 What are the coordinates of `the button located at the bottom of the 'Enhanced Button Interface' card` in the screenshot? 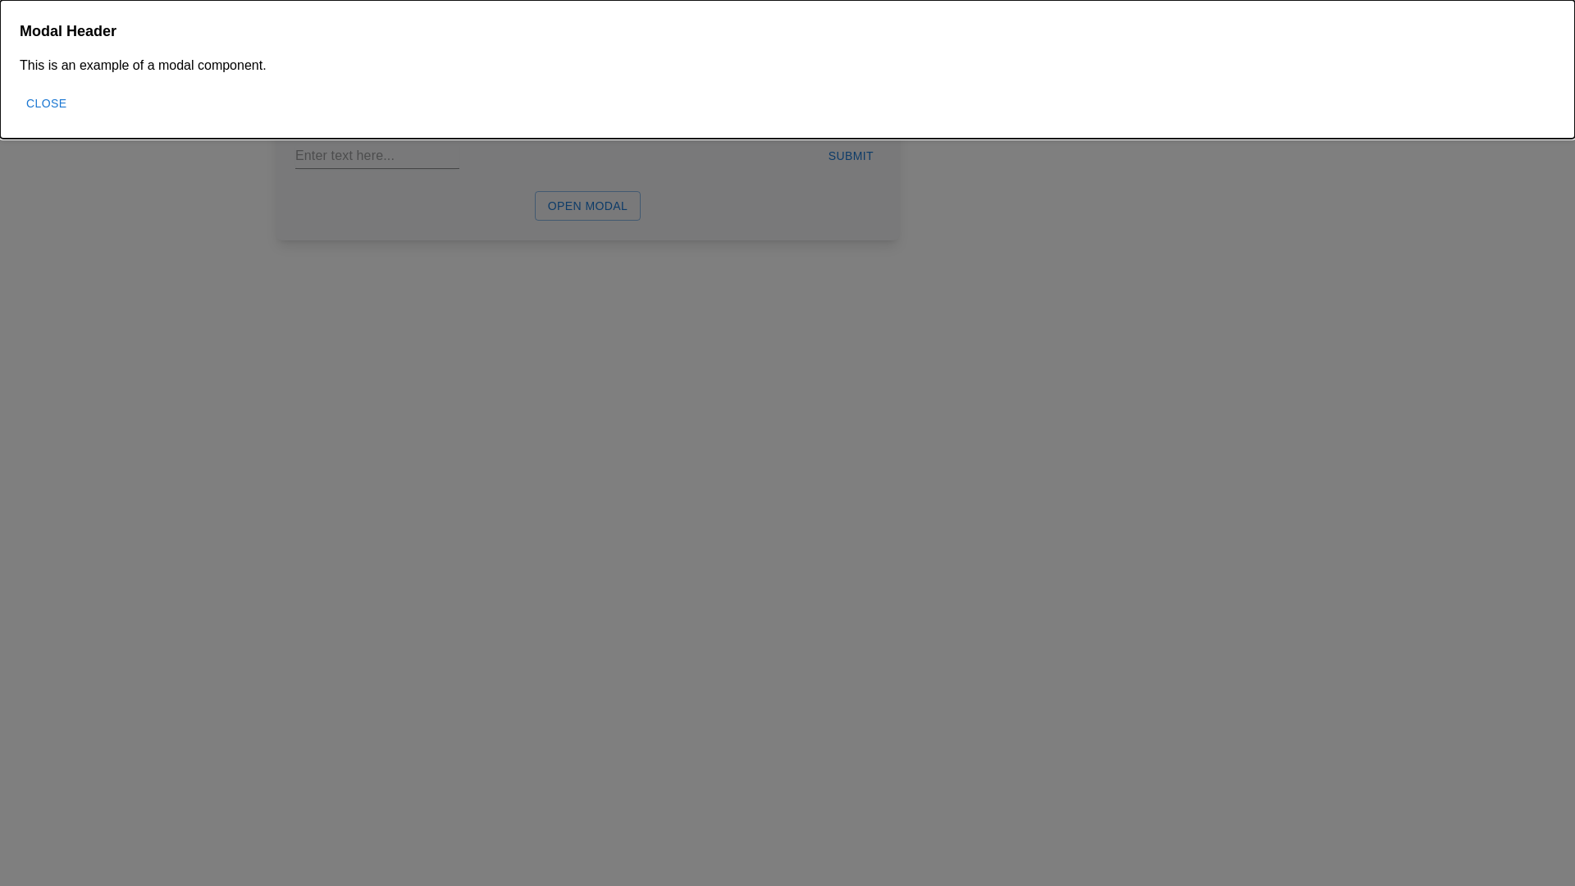 It's located at (587, 201).